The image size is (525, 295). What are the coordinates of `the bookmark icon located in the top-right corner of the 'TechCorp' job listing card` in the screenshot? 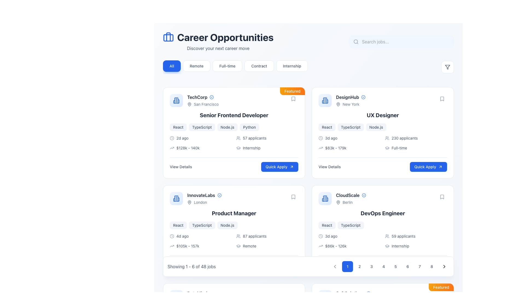 It's located at (293, 99).